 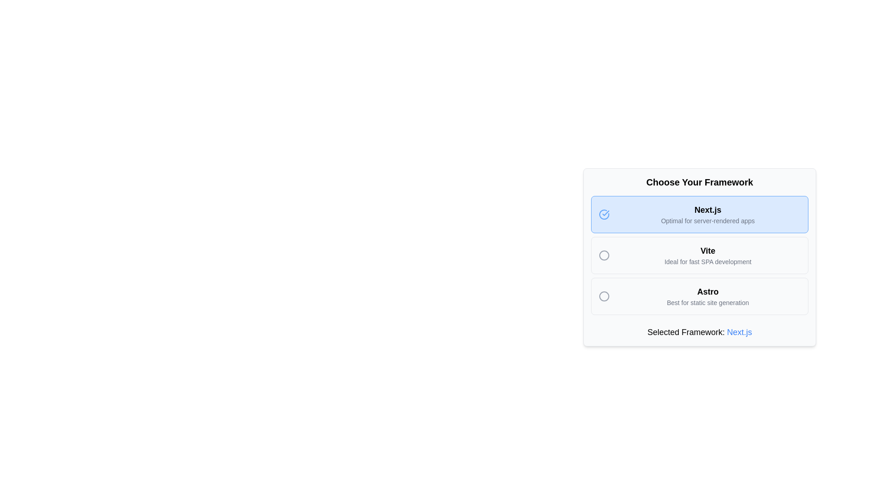 What do you see at coordinates (604, 296) in the screenshot?
I see `the selectable circular icon for the 'Astro' framework option in the radio button group` at bounding box center [604, 296].